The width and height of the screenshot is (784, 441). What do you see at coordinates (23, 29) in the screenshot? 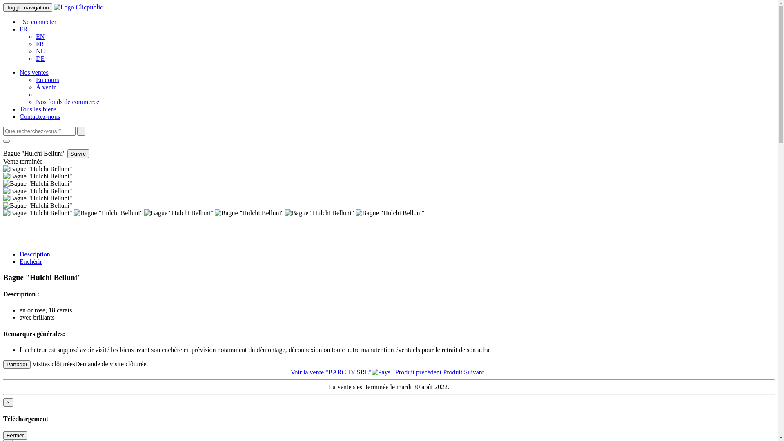
I see `'FR'` at bounding box center [23, 29].